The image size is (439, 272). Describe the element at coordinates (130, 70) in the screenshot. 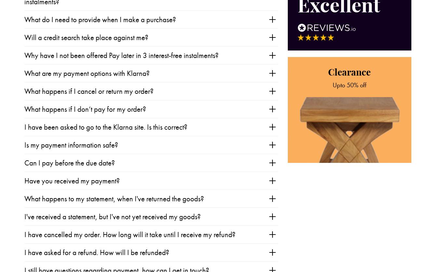

I see `'I have cancelled my order. How long will it take until I receive my refund?'` at that location.